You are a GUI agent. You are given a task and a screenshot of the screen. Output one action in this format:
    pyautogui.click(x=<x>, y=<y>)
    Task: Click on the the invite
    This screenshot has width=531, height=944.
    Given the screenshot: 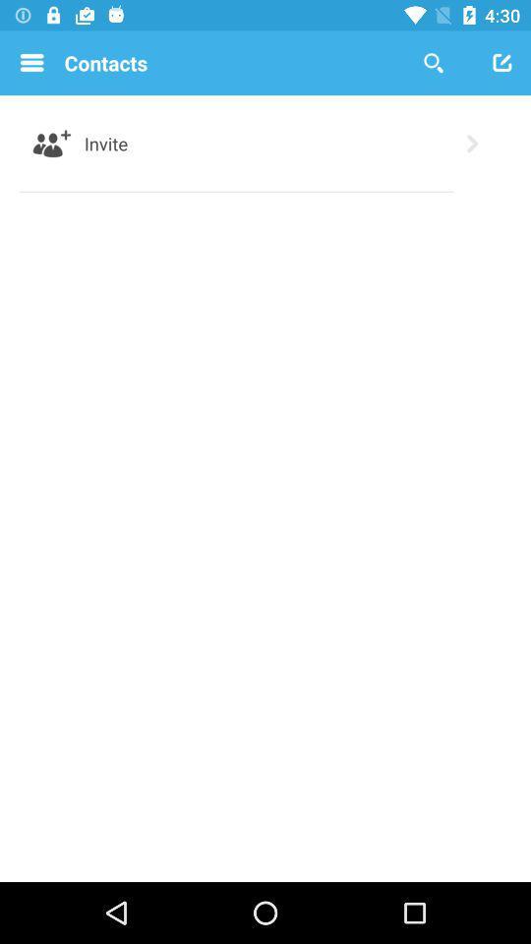 What is the action you would take?
    pyautogui.click(x=106, y=143)
    